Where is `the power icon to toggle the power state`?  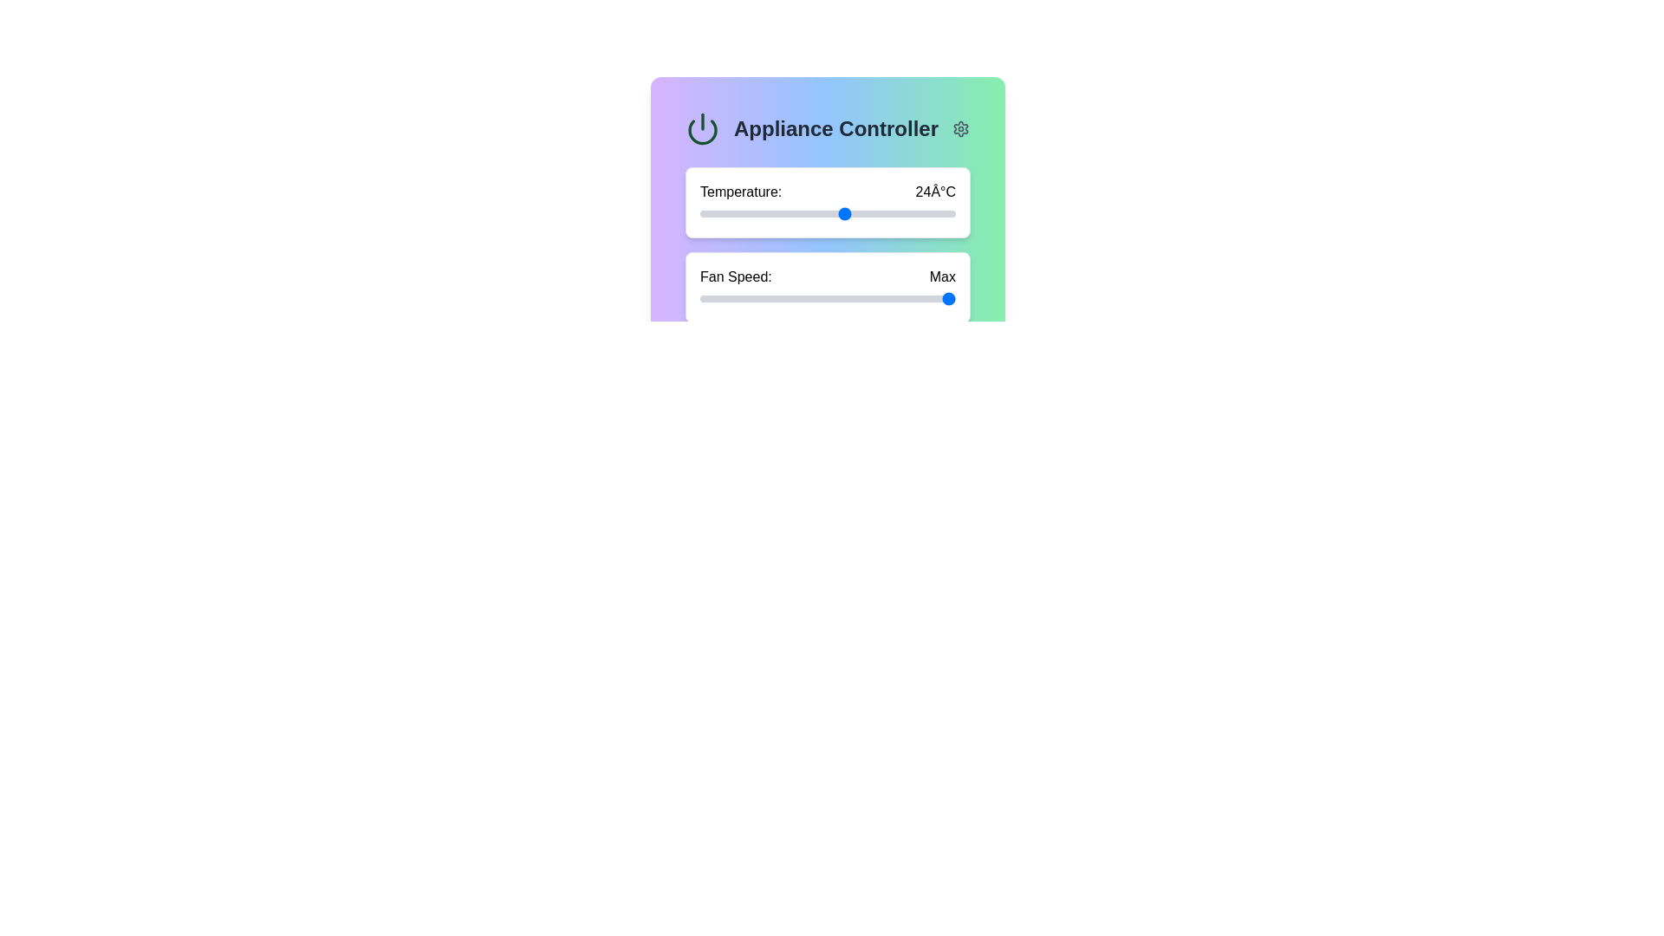 the power icon to toggle the power state is located at coordinates (703, 128).